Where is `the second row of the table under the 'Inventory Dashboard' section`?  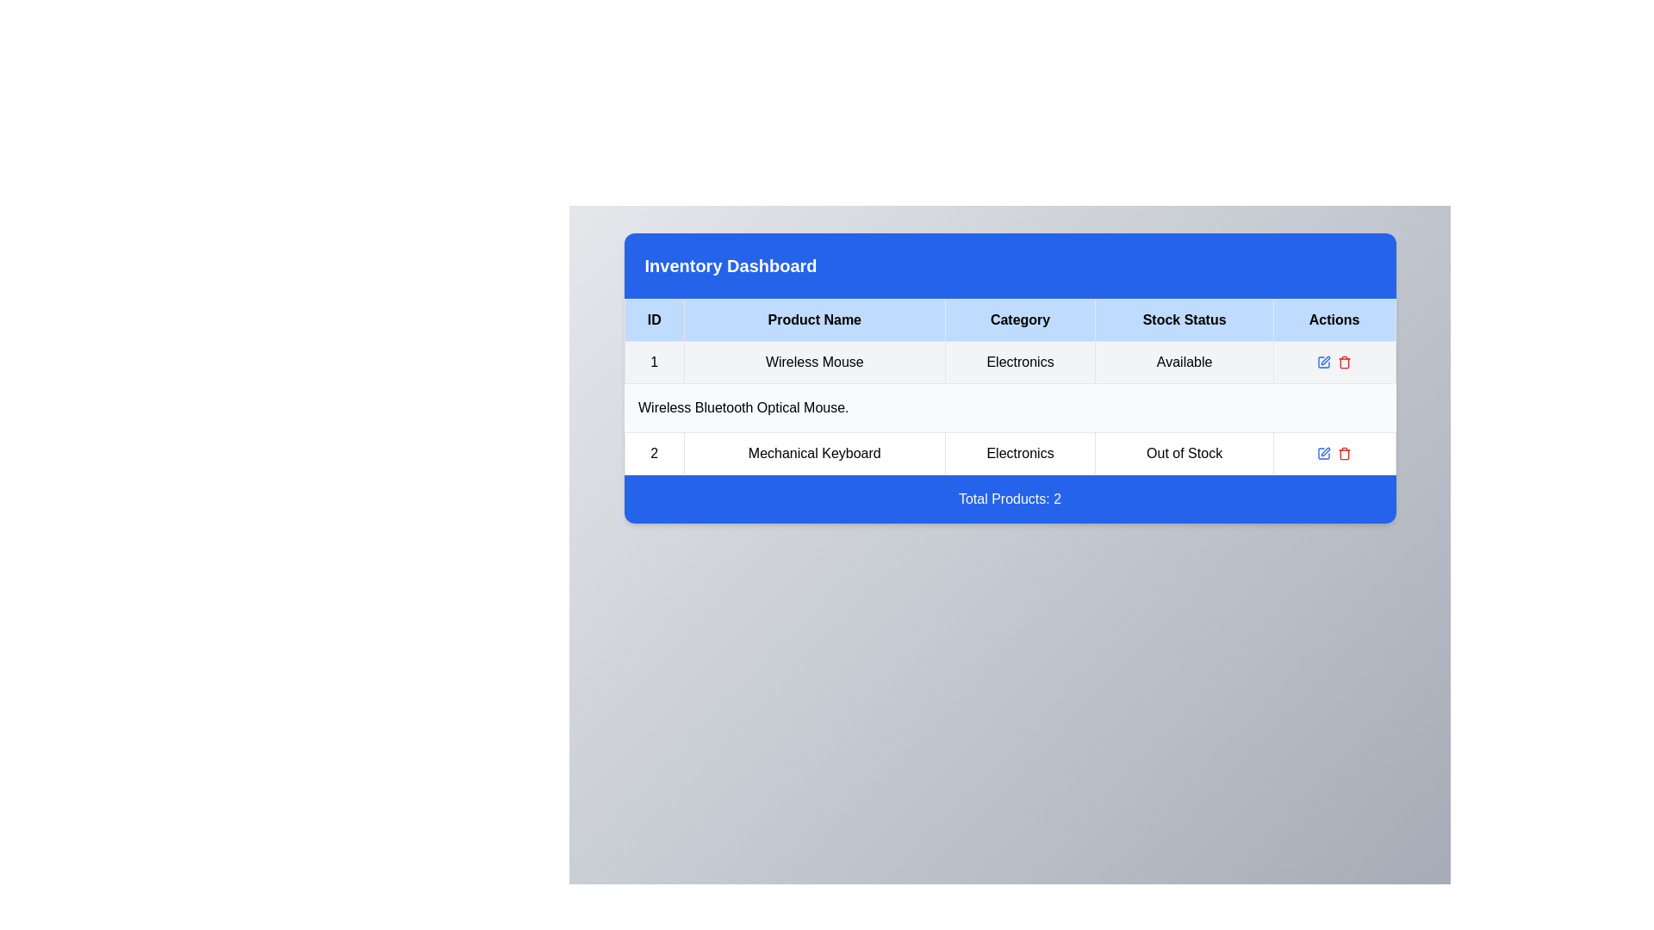
the second row of the table under the 'Inventory Dashboard' section is located at coordinates (1010, 453).